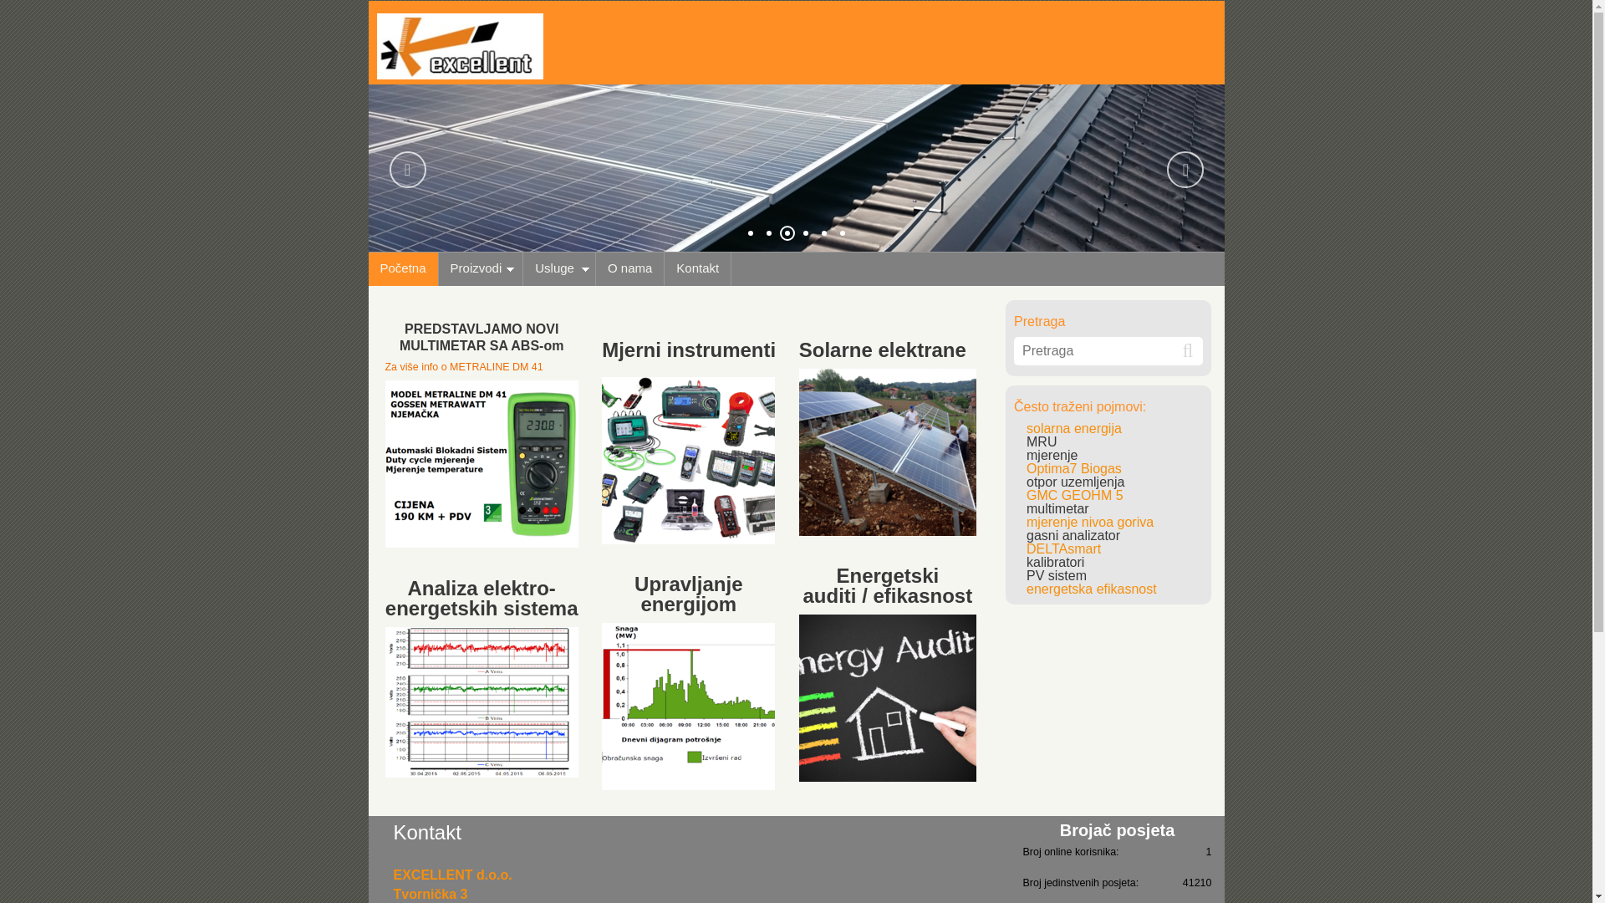 This screenshot has width=1605, height=903. Describe the element at coordinates (1057, 508) in the screenshot. I see `'multimetar'` at that location.